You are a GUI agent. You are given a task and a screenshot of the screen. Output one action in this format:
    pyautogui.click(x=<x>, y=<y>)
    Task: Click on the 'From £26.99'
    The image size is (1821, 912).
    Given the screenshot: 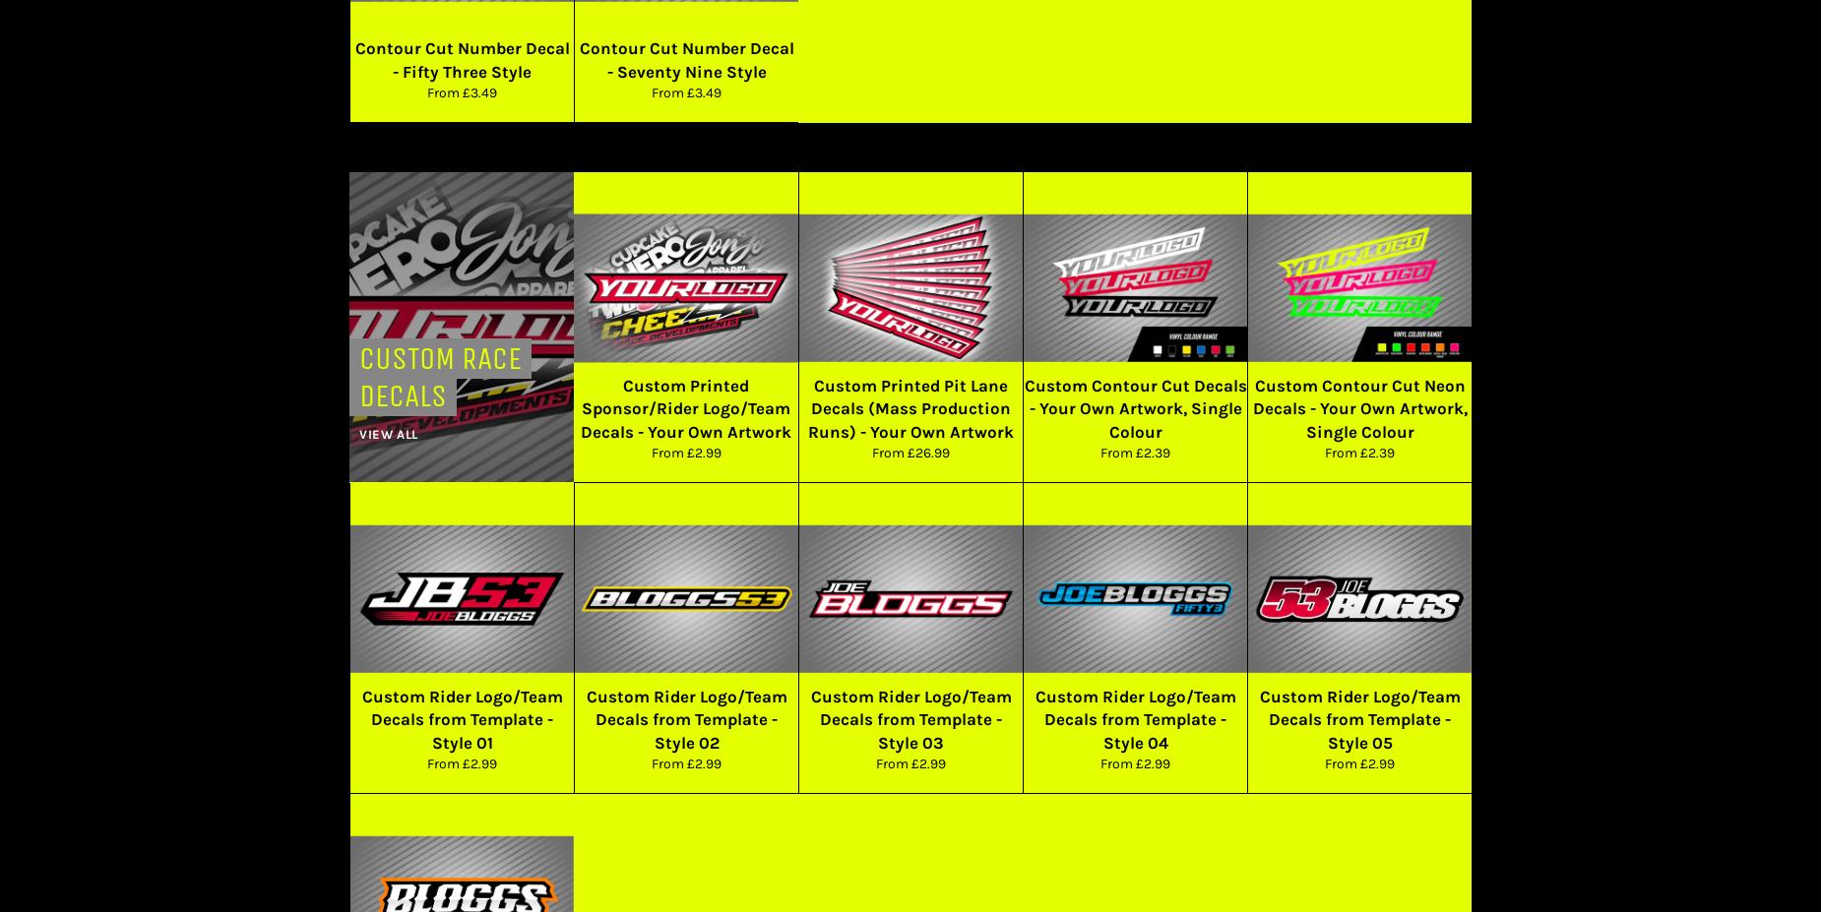 What is the action you would take?
    pyautogui.click(x=910, y=452)
    